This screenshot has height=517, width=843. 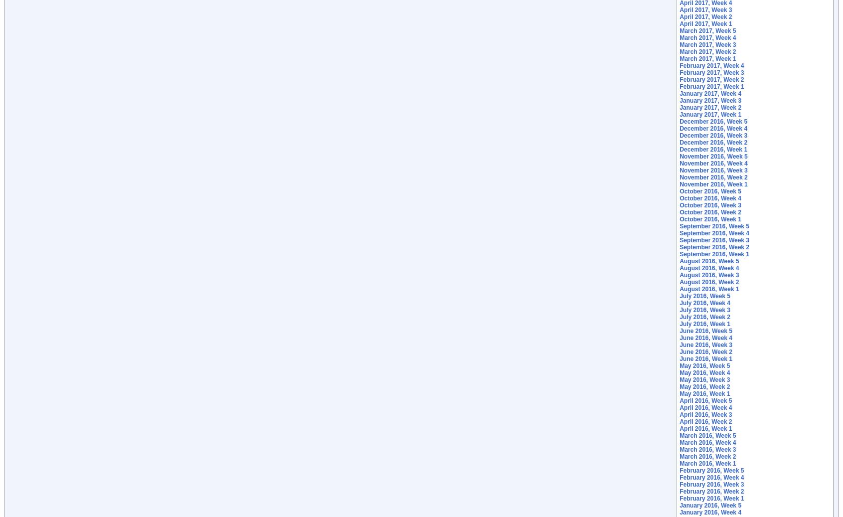 What do you see at coordinates (707, 51) in the screenshot?
I see `'March 2017, Week 2'` at bounding box center [707, 51].